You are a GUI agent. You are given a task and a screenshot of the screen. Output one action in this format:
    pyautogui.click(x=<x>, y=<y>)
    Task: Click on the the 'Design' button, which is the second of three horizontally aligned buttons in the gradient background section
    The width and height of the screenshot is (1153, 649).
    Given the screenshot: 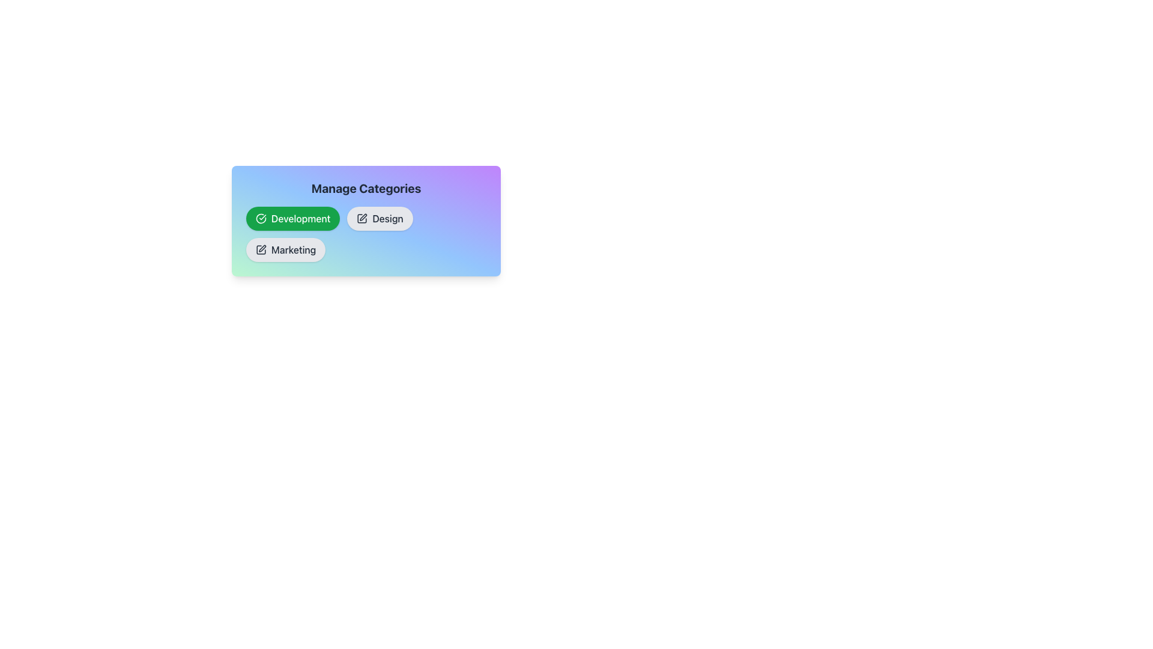 What is the action you would take?
    pyautogui.click(x=365, y=221)
    